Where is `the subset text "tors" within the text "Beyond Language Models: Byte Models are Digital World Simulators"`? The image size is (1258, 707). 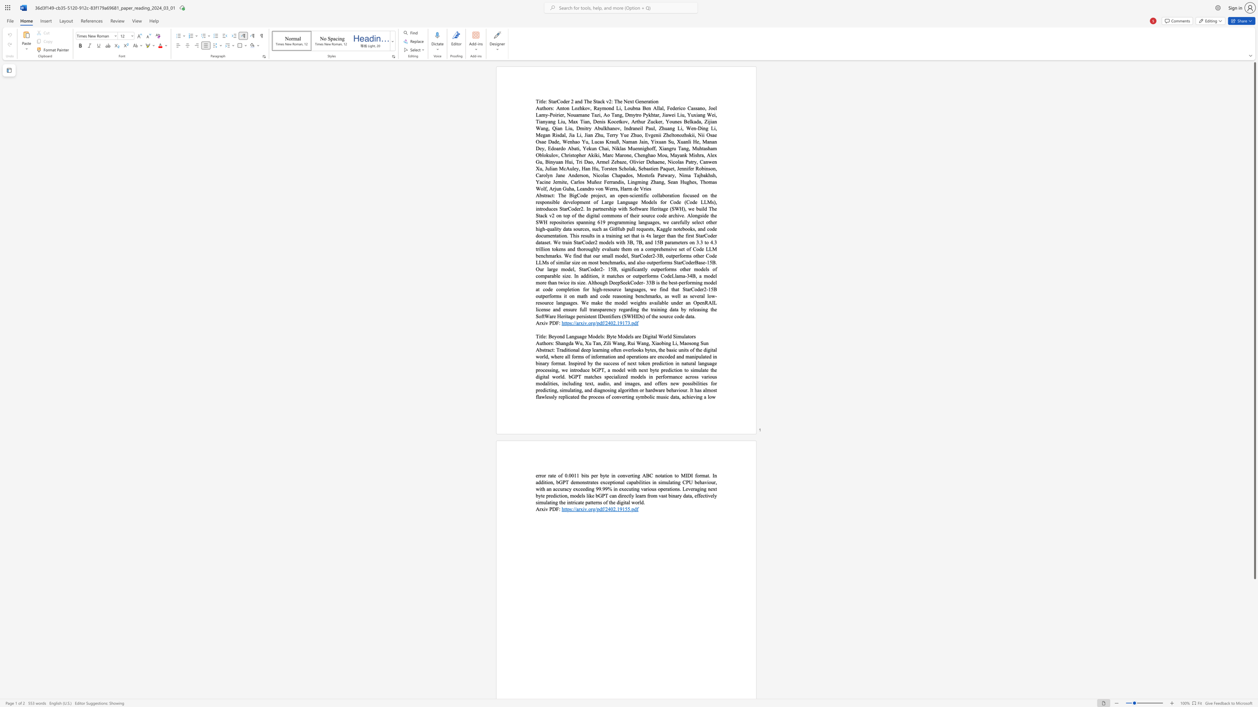 the subset text "tors" within the text "Beyond Language Models: Byte Models are Digital World Simulators" is located at coordinates (688, 336).